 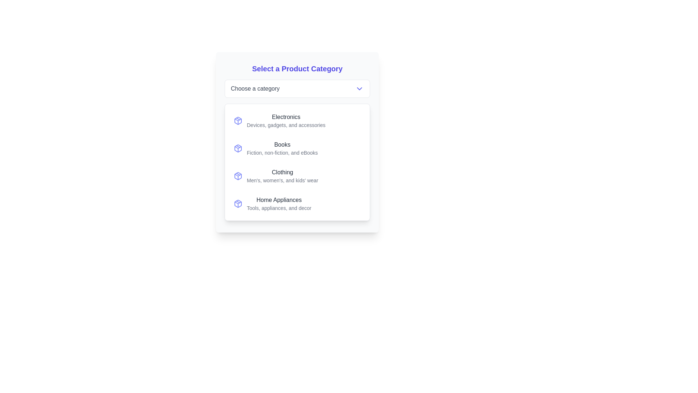 I want to click on the clickable list item titled 'Clothing' which contains the subtitle 'Men's, women's, and kids' wear' and is located in the product categories list, so click(x=297, y=176).